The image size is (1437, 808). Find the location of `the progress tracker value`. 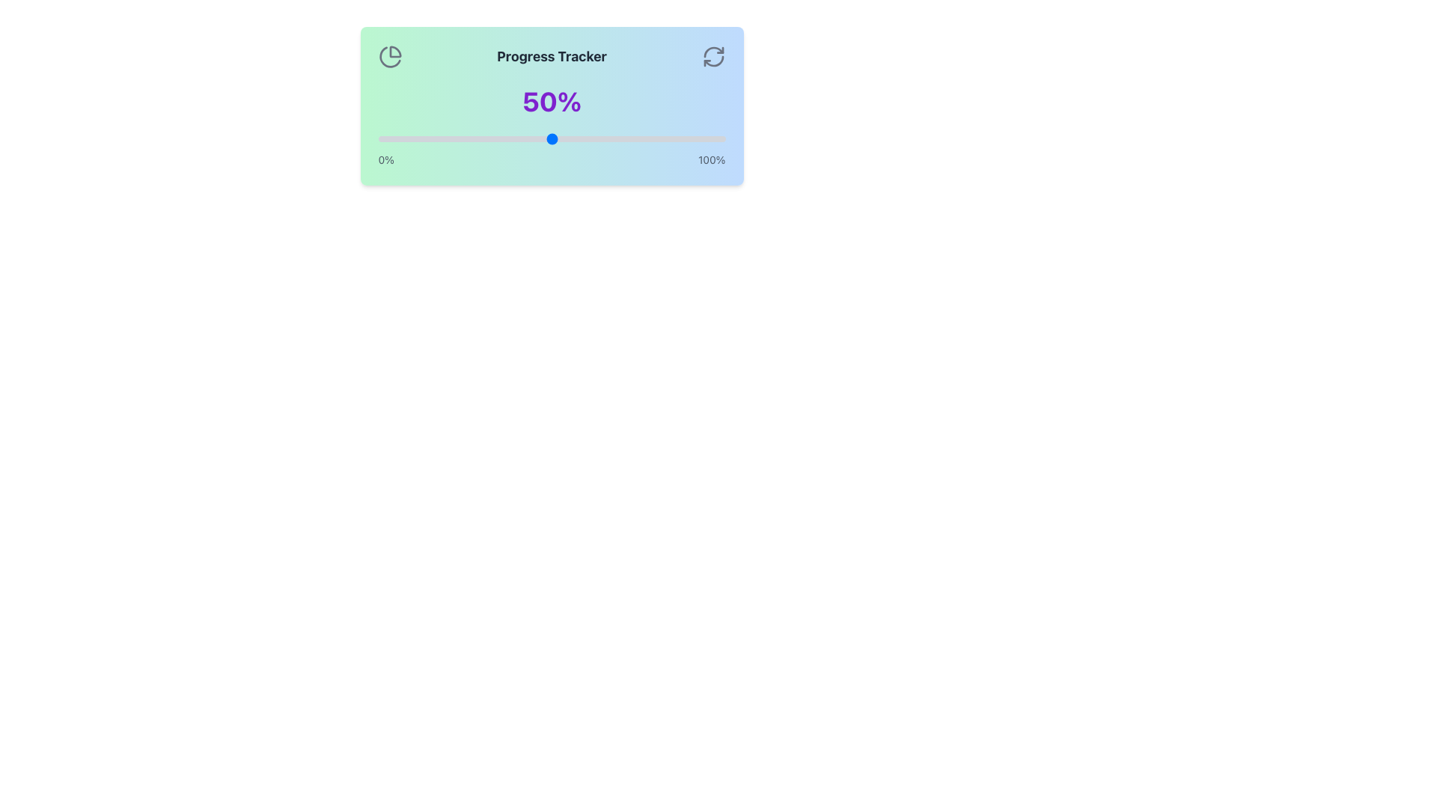

the progress tracker value is located at coordinates (531, 138).